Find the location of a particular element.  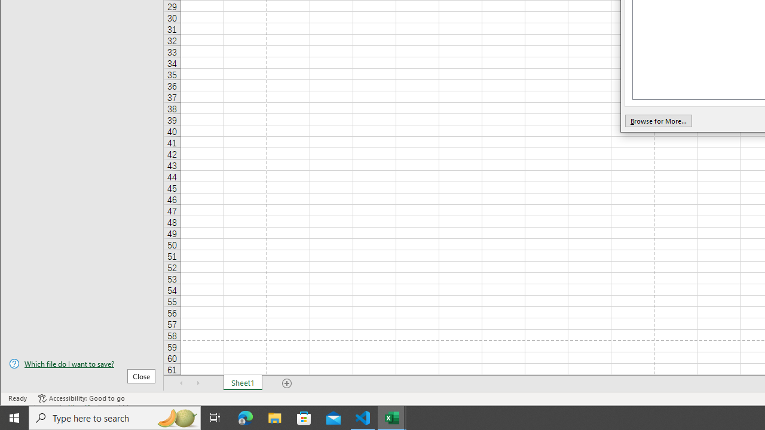

'Microsoft Edge' is located at coordinates (245, 417).